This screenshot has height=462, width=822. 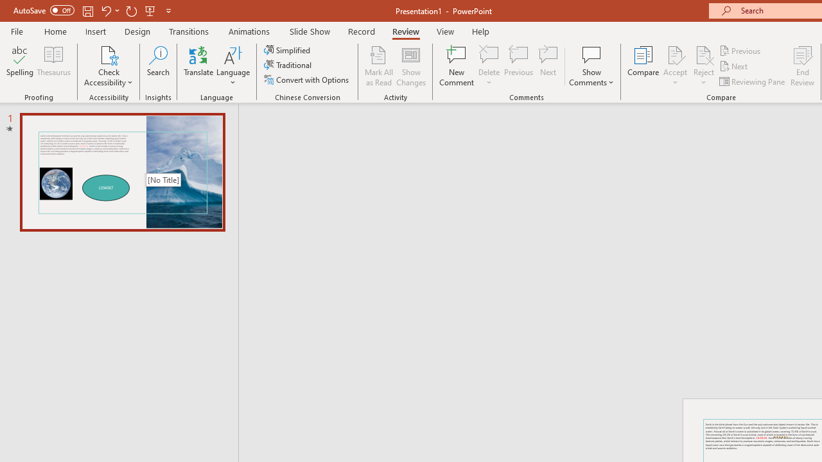 What do you see at coordinates (643, 66) in the screenshot?
I see `'Compare'` at bounding box center [643, 66].